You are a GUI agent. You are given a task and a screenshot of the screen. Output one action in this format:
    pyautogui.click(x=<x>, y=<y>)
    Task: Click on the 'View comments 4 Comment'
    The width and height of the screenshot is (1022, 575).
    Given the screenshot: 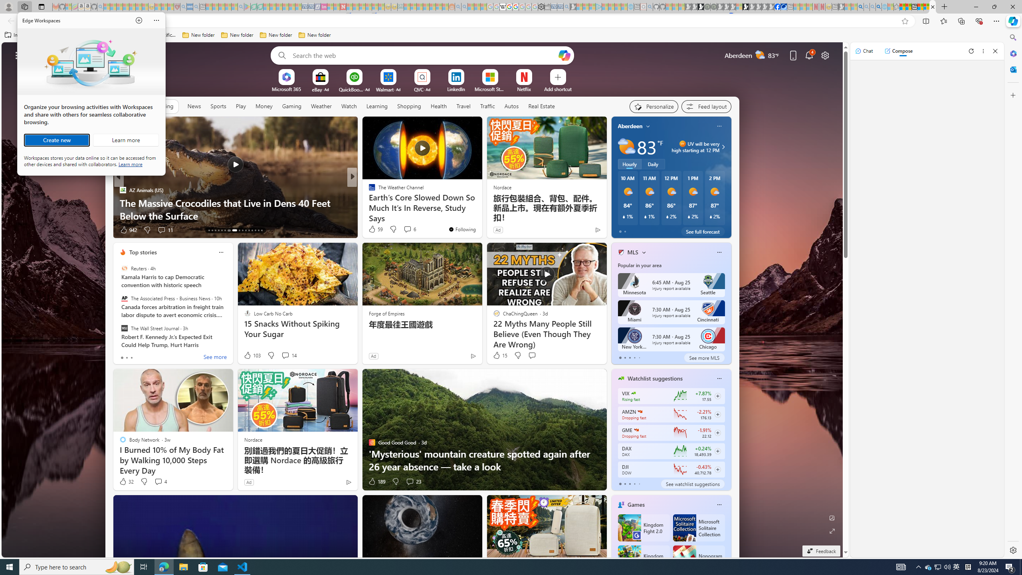 What is the action you would take?
    pyautogui.click(x=160, y=482)
    